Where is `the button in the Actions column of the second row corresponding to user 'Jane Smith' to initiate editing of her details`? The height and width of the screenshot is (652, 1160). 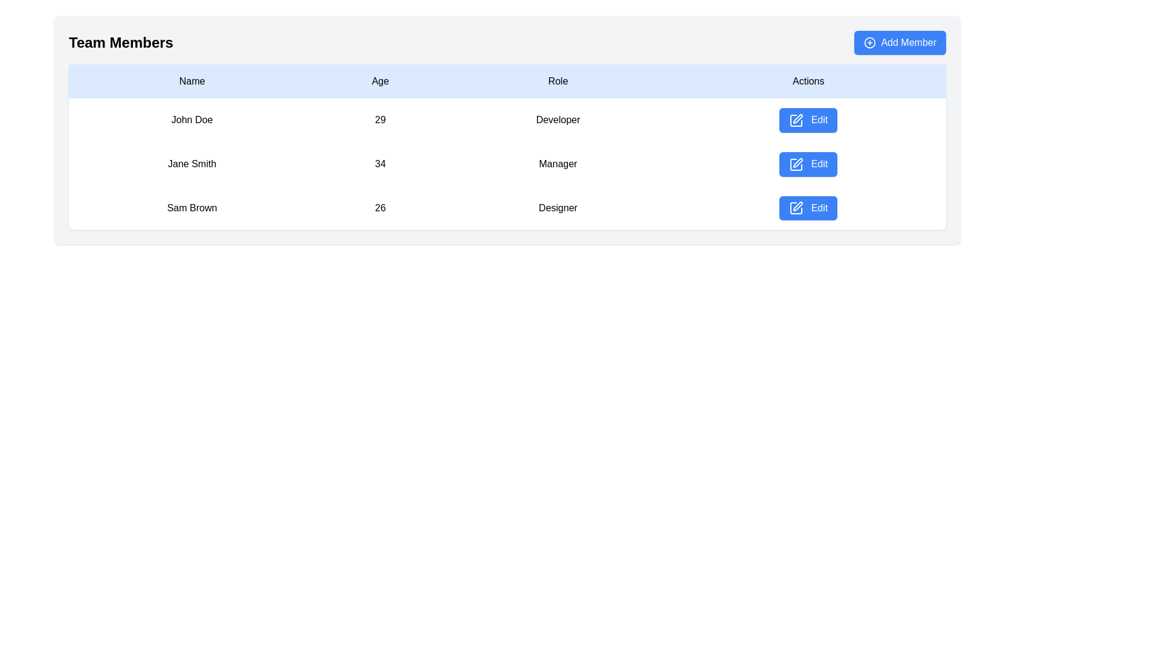 the button in the Actions column of the second row corresponding to user 'Jane Smith' to initiate editing of her details is located at coordinates (808, 164).